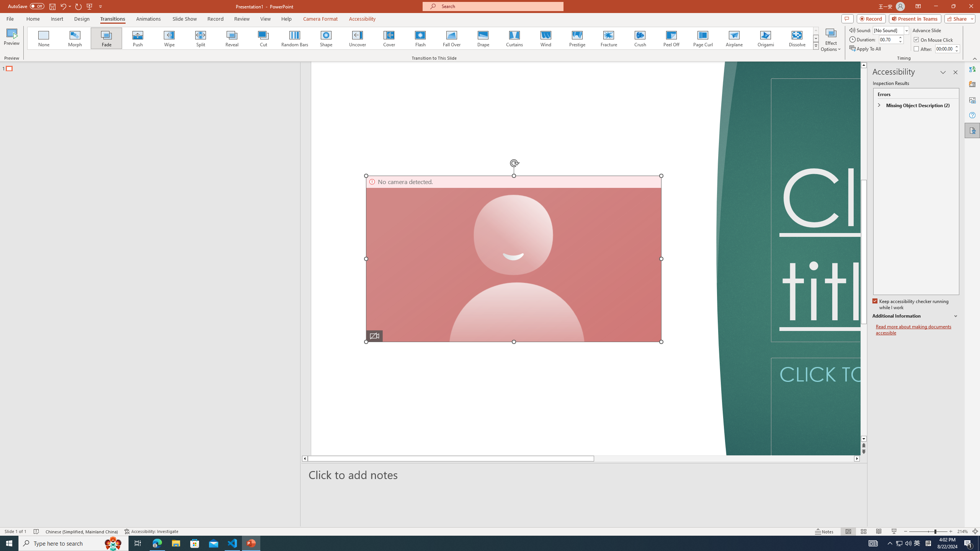 This screenshot has height=551, width=980. Describe the element at coordinates (326, 38) in the screenshot. I see `'Shape'` at that location.